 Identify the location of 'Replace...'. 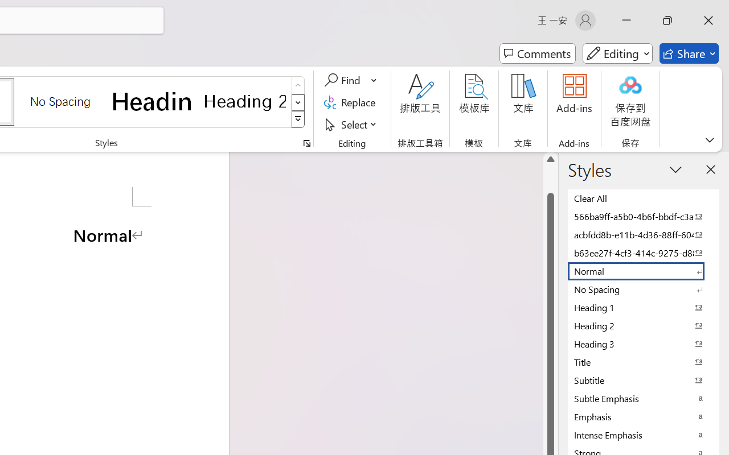
(351, 102).